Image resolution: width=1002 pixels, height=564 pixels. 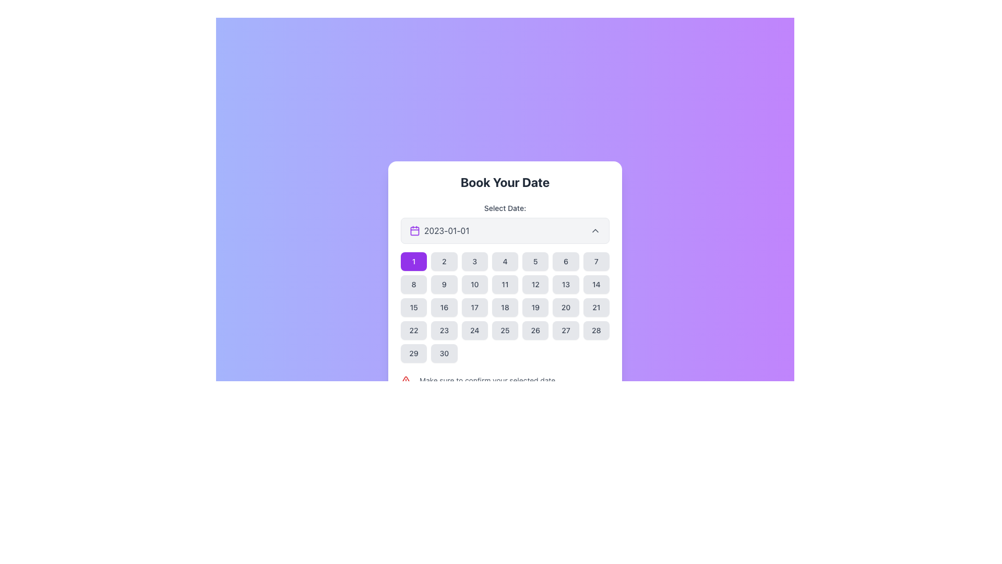 I want to click on the square-shaped button with rounded edges labeled '3' in a calendar-style date selection interface to change its background color, so click(x=474, y=261).